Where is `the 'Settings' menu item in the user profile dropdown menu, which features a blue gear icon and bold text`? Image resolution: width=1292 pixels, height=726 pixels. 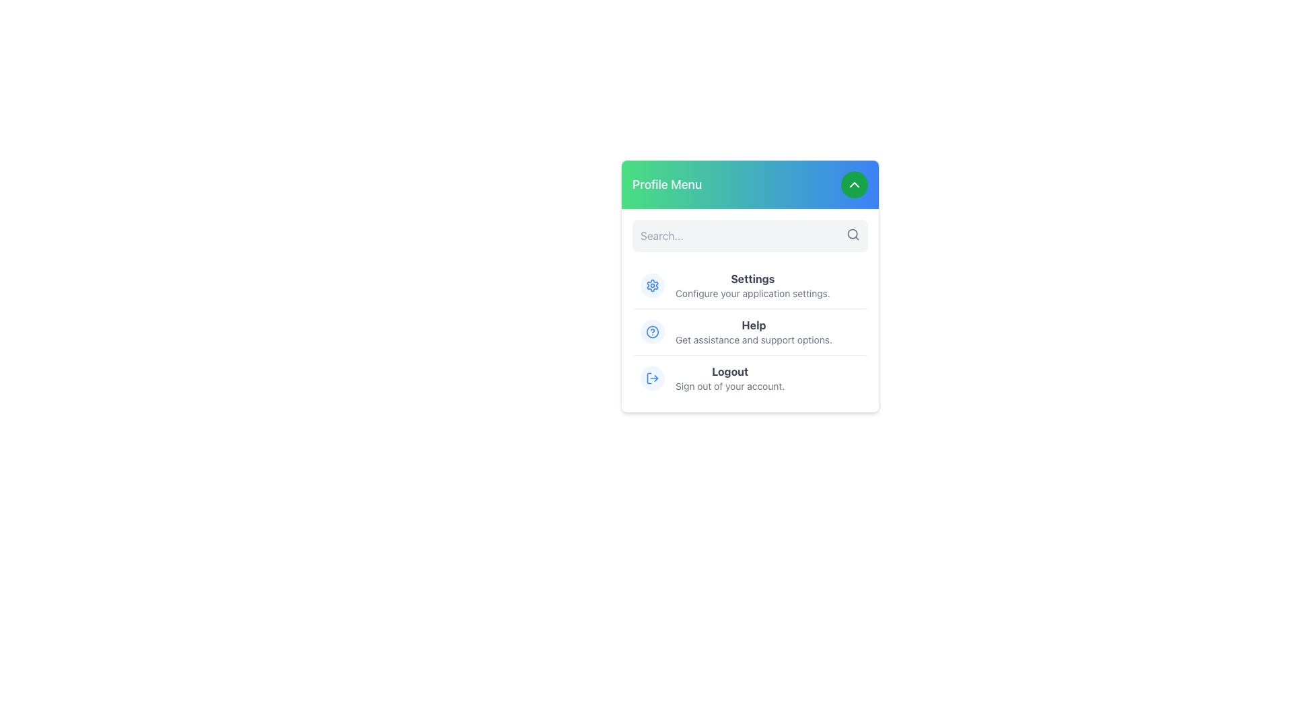
the 'Settings' menu item in the user profile dropdown menu, which features a blue gear icon and bold text is located at coordinates (749, 284).